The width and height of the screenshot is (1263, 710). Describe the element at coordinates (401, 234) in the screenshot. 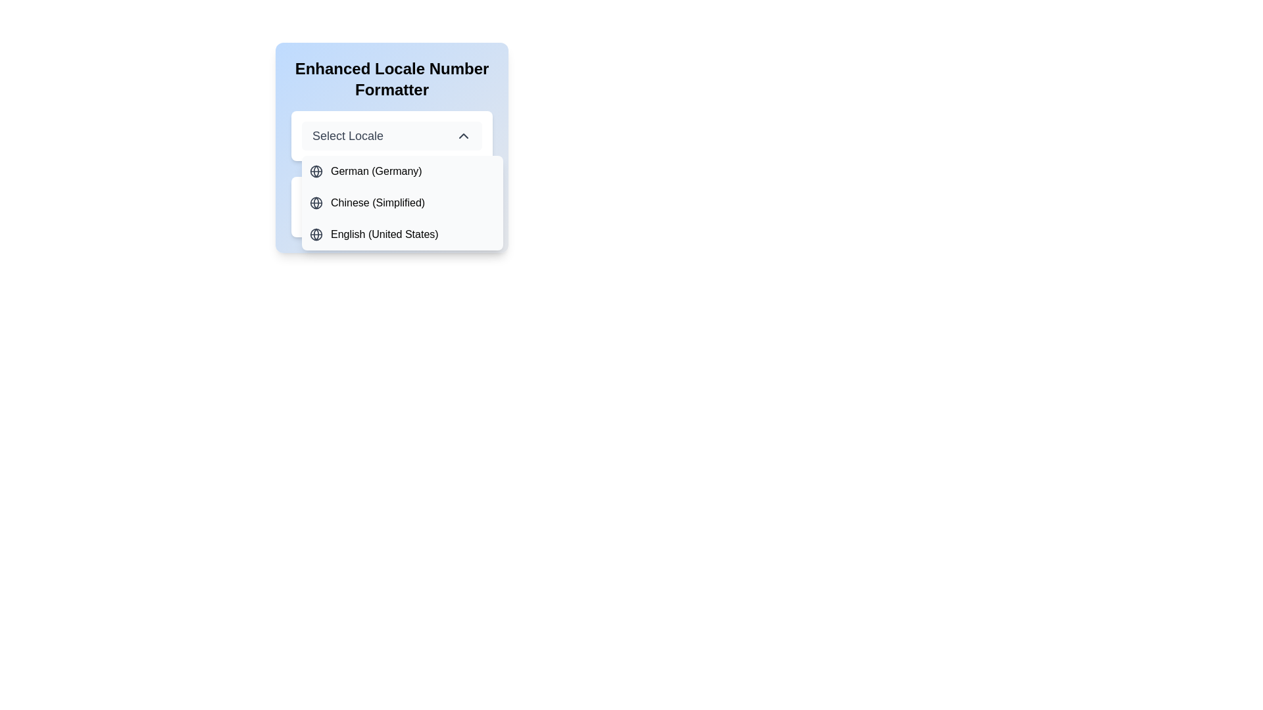

I see `the Dropdown menu item labeled 'English (United States)' with a globe icon` at that location.